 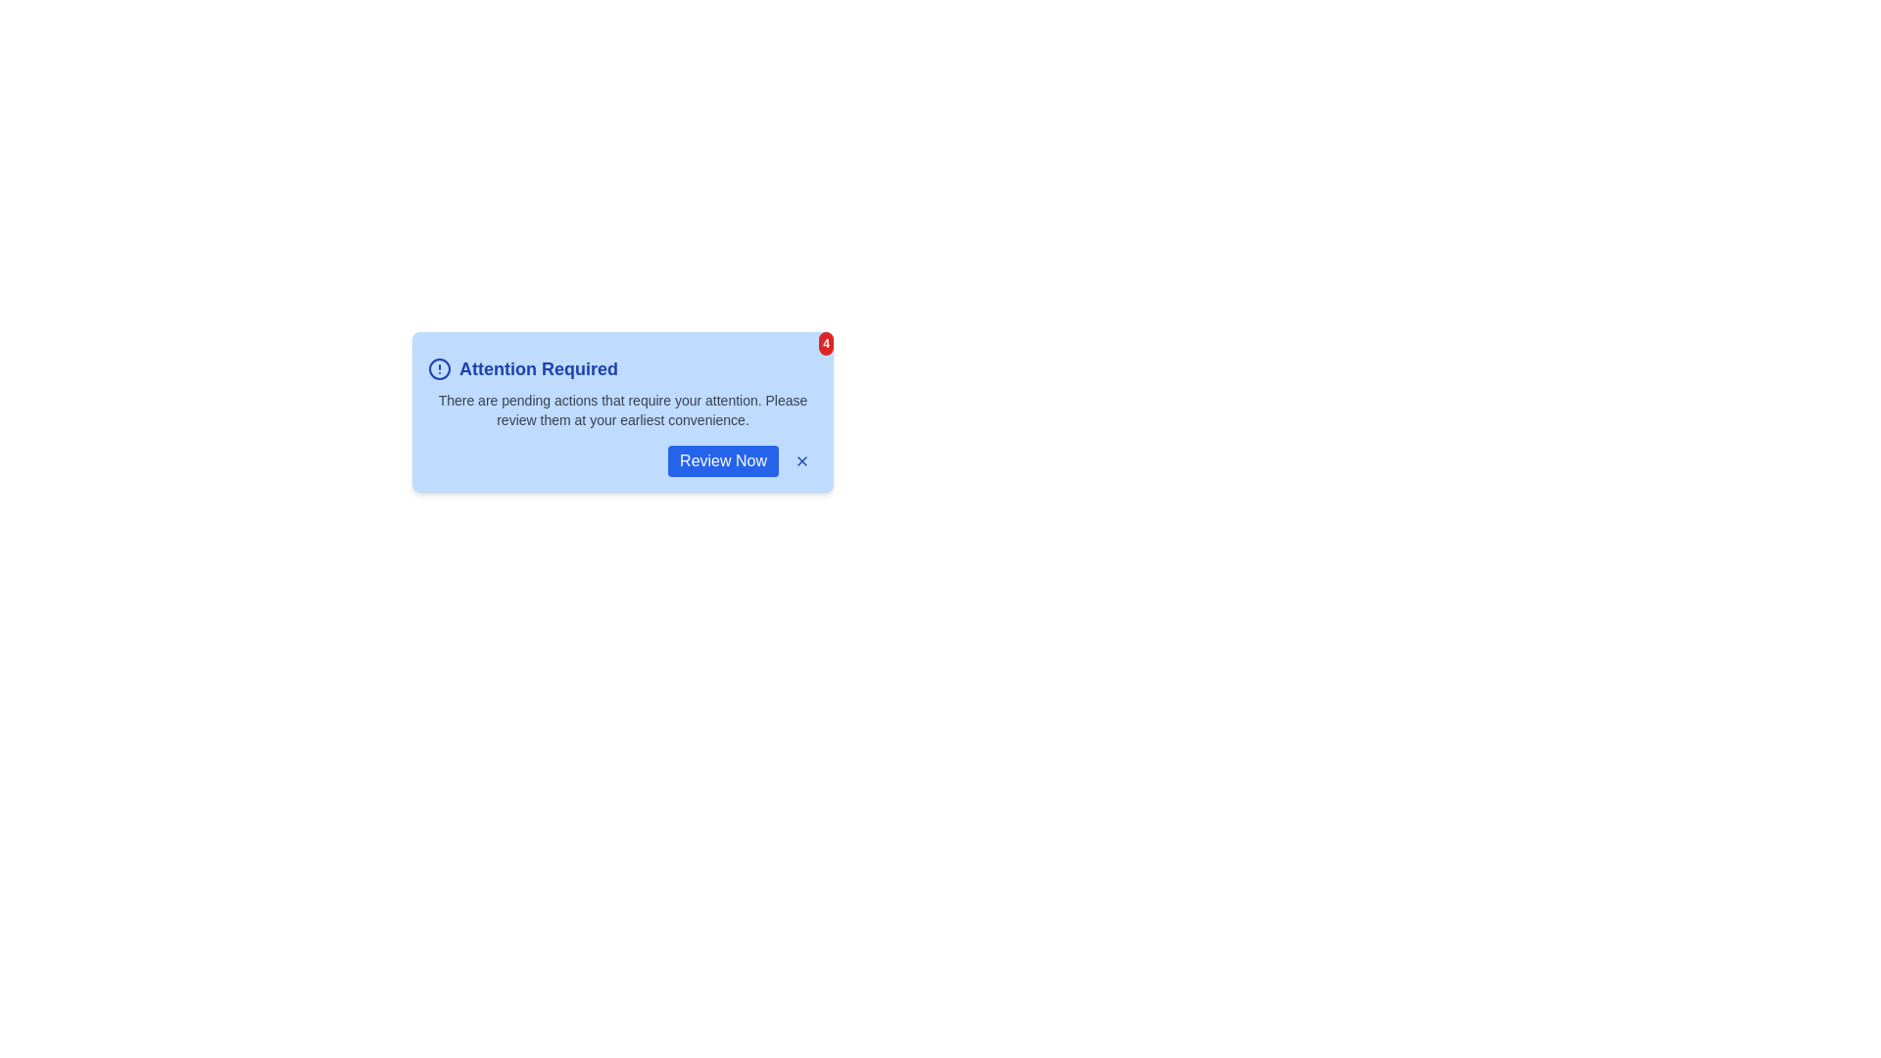 I want to click on the visual alert icon located in the notification box, which indicates that attention is required, positioned to the far left of the top section aligning with the 'Attention Required' text, so click(x=439, y=369).